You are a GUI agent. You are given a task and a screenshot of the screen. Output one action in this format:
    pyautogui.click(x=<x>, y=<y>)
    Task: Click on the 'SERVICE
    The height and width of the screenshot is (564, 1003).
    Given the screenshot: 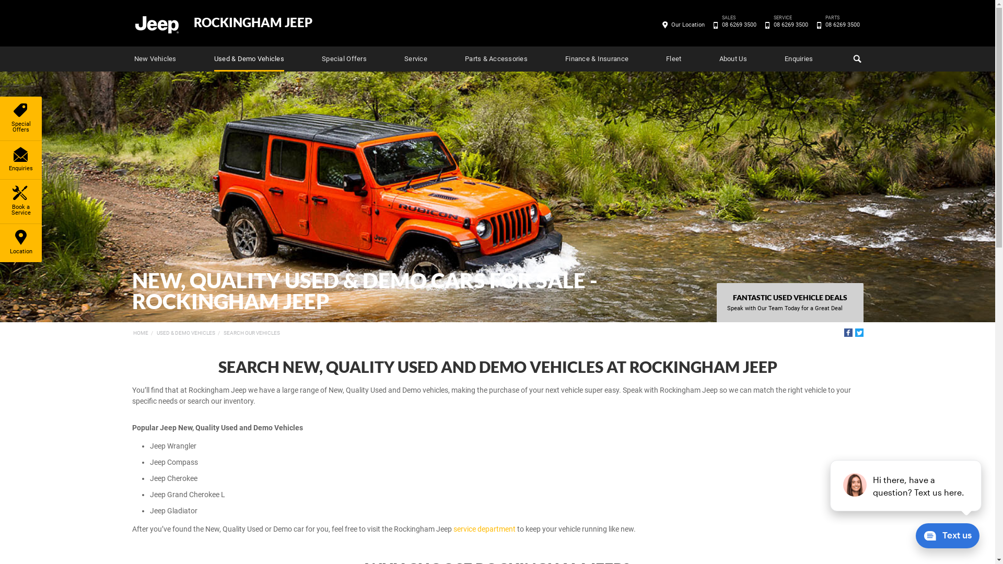 What is the action you would take?
    pyautogui.click(x=769, y=24)
    